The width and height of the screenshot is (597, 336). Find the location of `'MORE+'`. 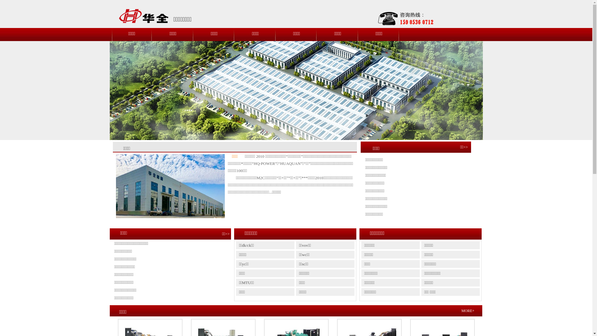

'MORE+' is located at coordinates (468, 311).